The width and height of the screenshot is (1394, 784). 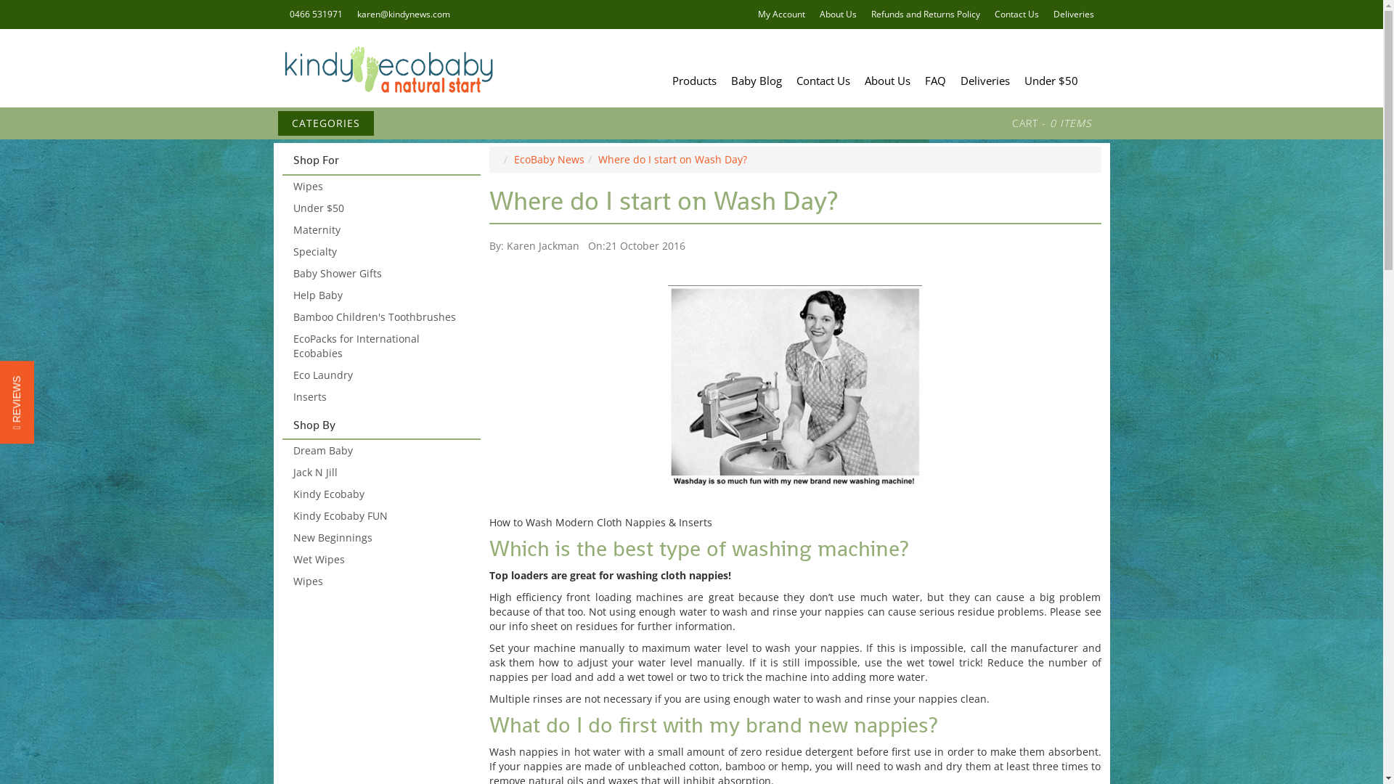 What do you see at coordinates (787, 81) in the screenshot?
I see `'Contact Us'` at bounding box center [787, 81].